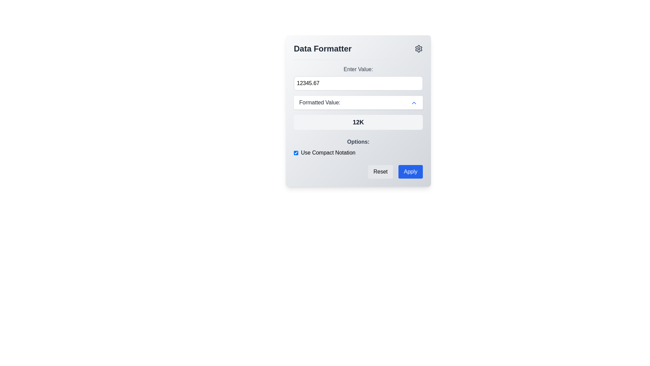 This screenshot has width=650, height=366. What do you see at coordinates (358, 78) in the screenshot?
I see `the labeled text input field designed for numerical entry located in the upper section of the 'Data Formatter' card` at bounding box center [358, 78].